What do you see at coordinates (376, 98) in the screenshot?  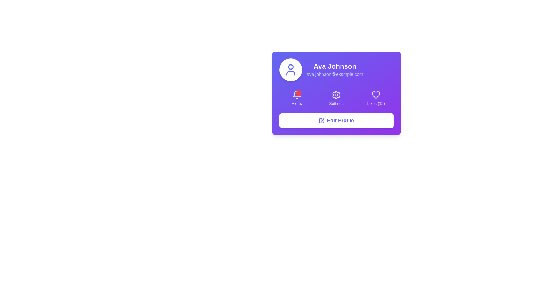 I see `the static information display showing '12' likes, which is the third element in a horizontal grid layout, positioned to the right of 'Alerts' and 'Settings'` at bounding box center [376, 98].